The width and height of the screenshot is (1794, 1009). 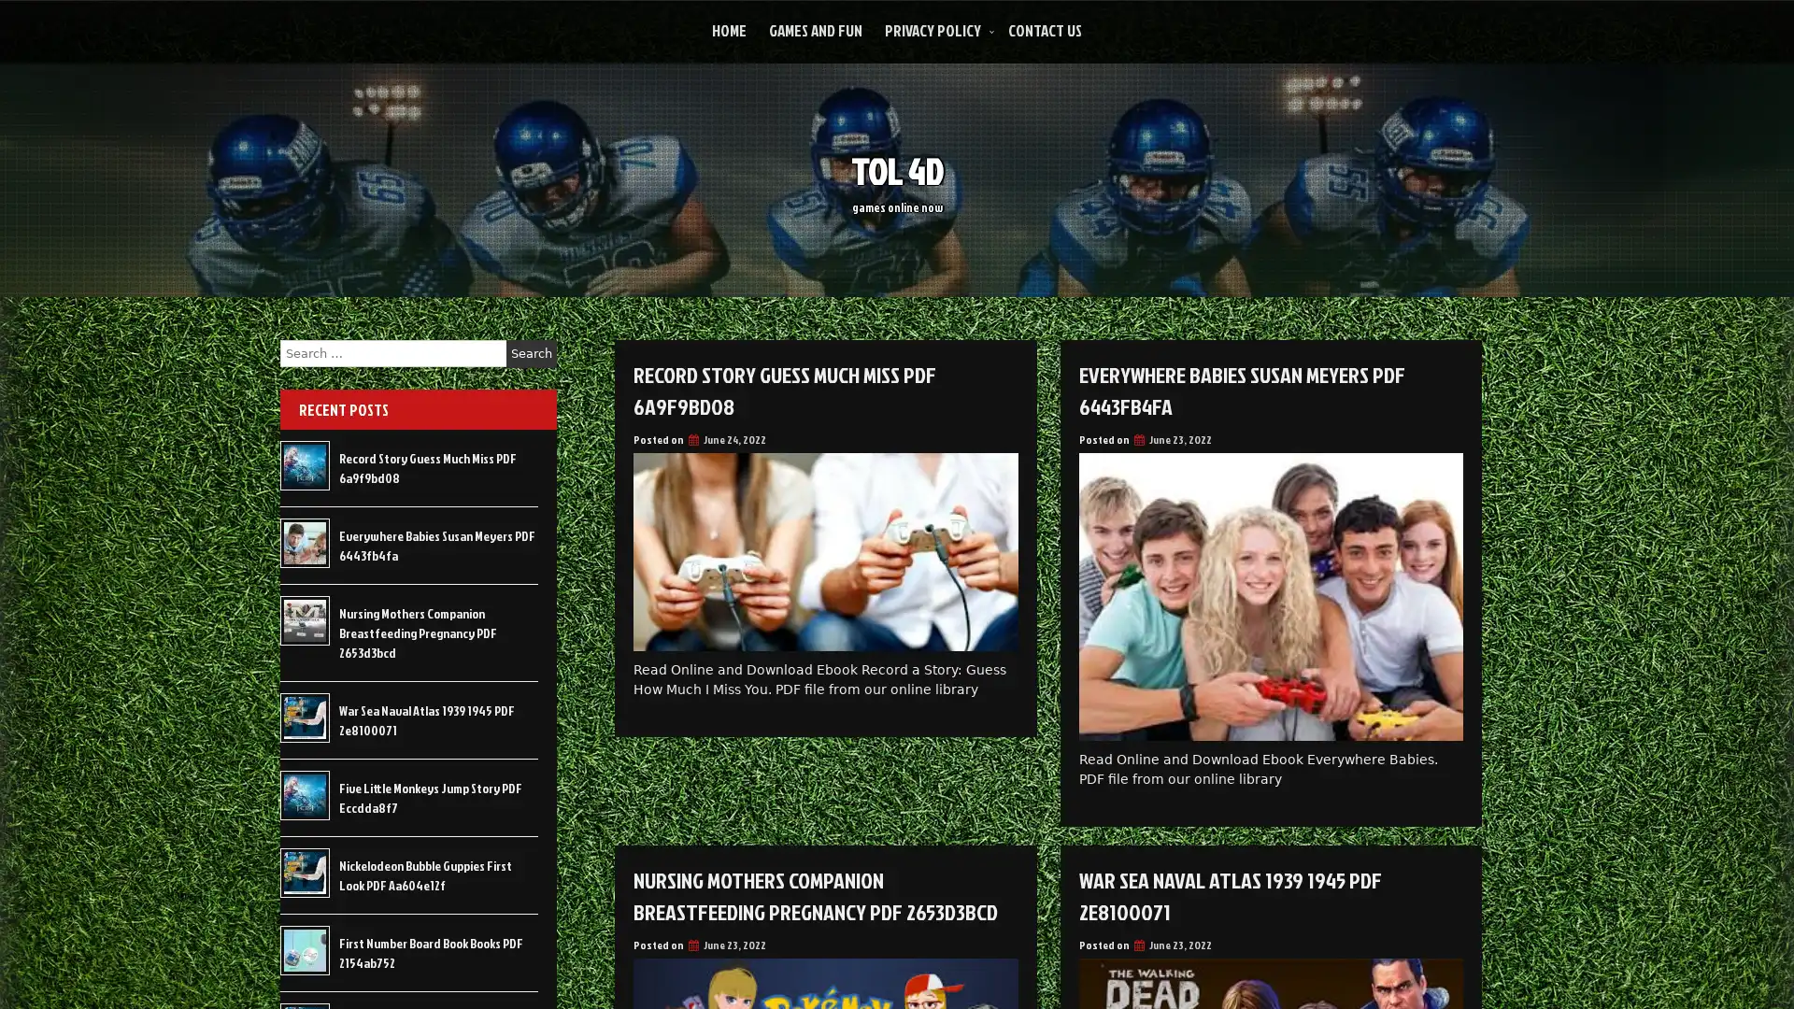 What do you see at coordinates (531, 353) in the screenshot?
I see `Search` at bounding box center [531, 353].